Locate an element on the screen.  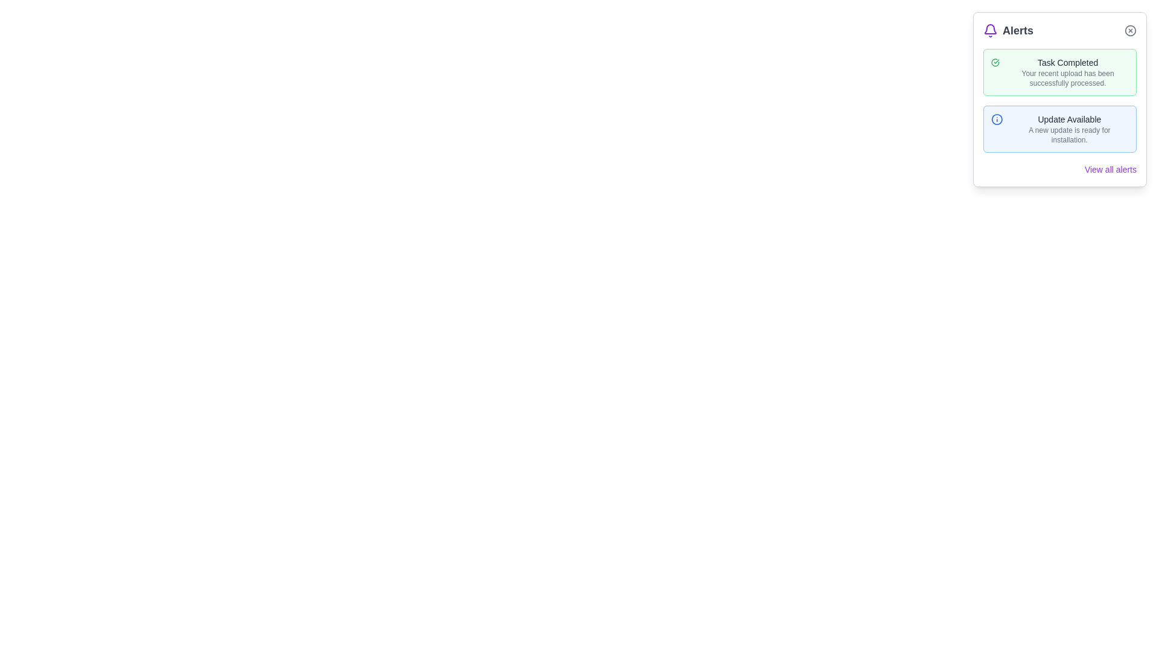
the descriptive text providing information about the update located under the heading 'Update Available' in the notification box is located at coordinates (1069, 135).